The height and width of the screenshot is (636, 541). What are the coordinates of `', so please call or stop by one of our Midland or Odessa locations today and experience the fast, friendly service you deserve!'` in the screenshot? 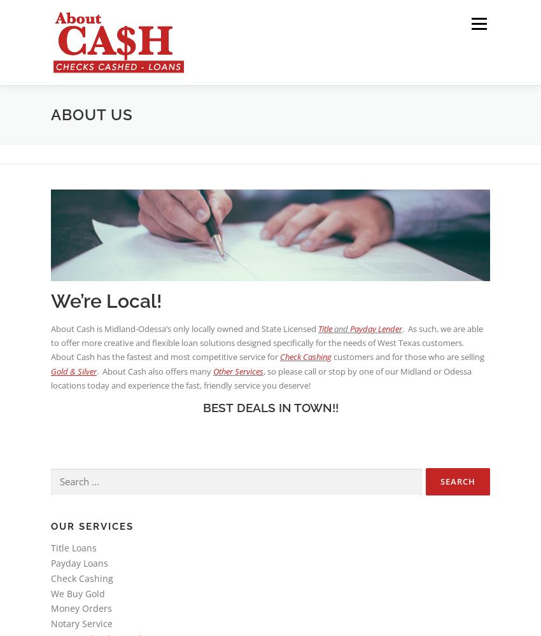 It's located at (261, 377).